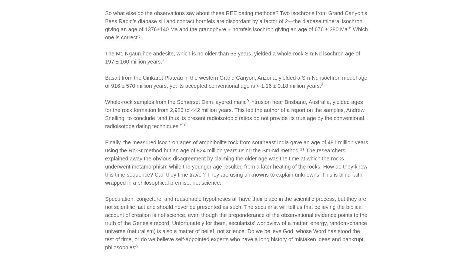 The width and height of the screenshot is (475, 256). What do you see at coordinates (322, 84) in the screenshot?
I see `'8'` at bounding box center [322, 84].